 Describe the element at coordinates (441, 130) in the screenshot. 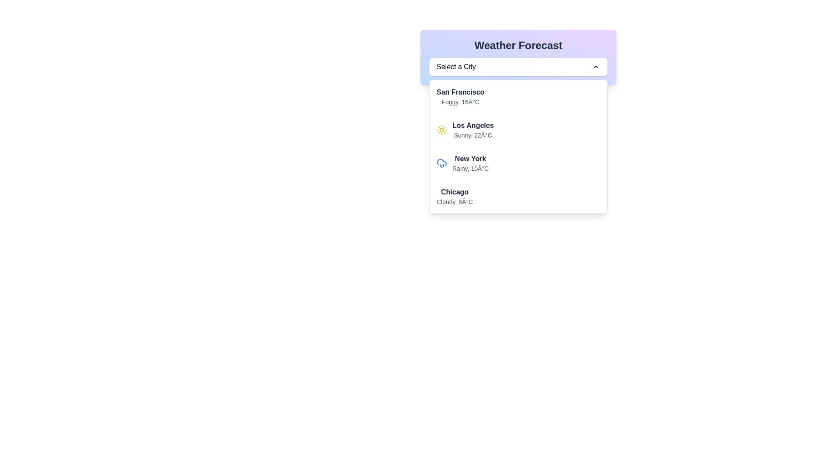

I see `the sunny weather icon located to the left of the text 'Los Angeles Sunny, 22°C' in the weather forecast UI` at that location.